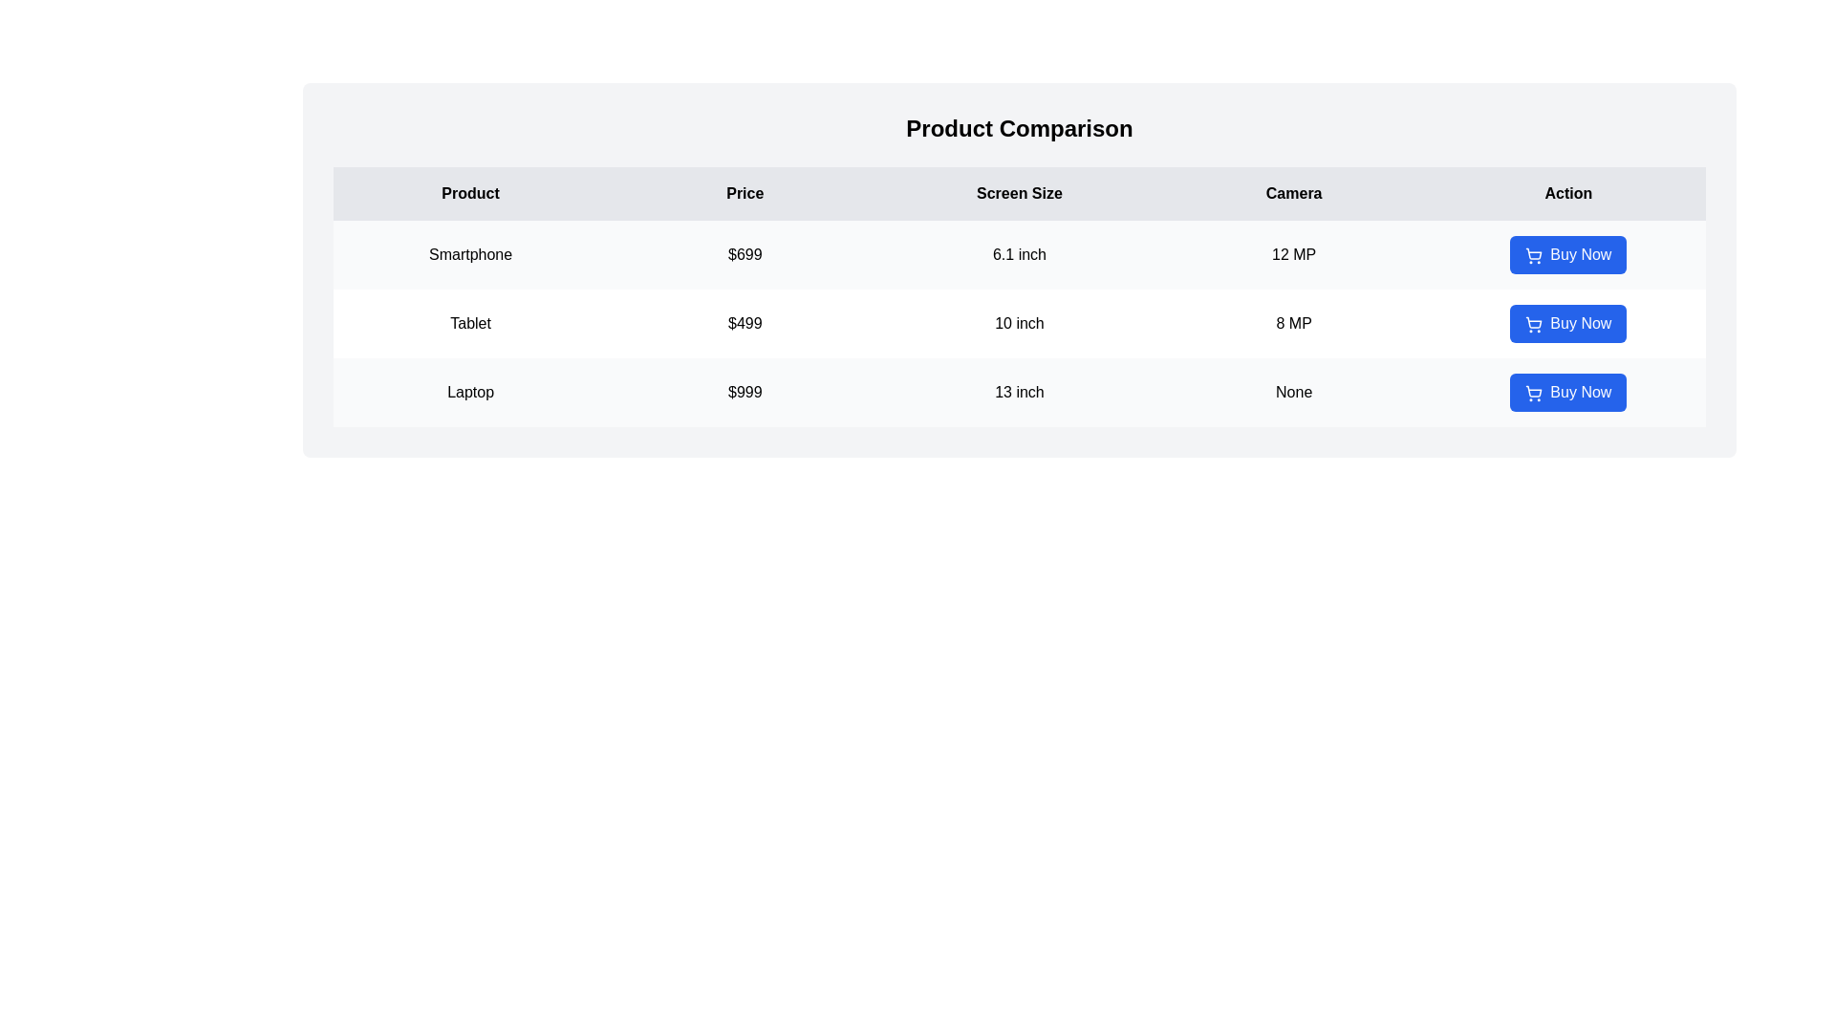  What do you see at coordinates (1018, 253) in the screenshot?
I see `the row corresponding to Smartphone for comparison` at bounding box center [1018, 253].